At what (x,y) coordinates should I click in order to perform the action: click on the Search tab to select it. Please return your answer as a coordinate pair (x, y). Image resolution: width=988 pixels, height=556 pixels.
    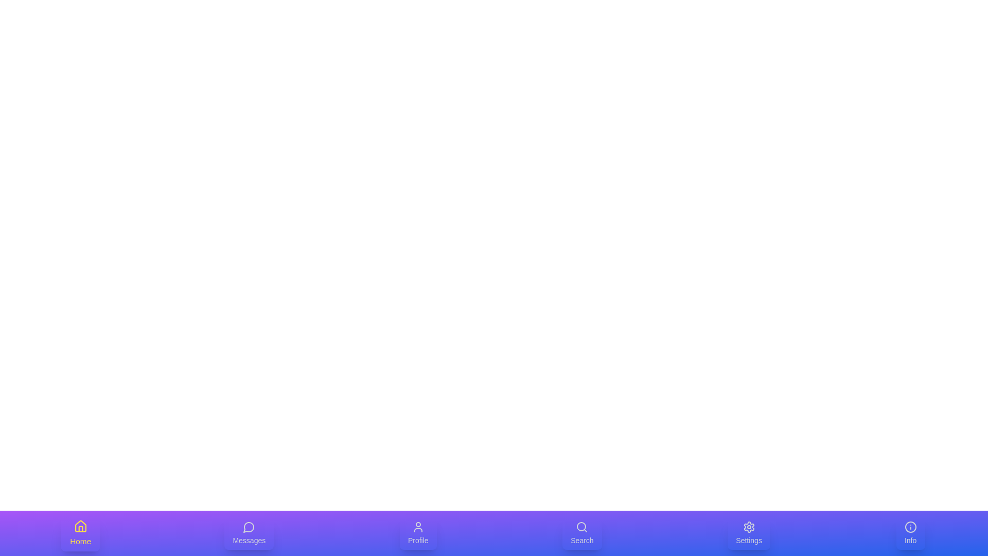
    Looking at the image, I should click on (582, 533).